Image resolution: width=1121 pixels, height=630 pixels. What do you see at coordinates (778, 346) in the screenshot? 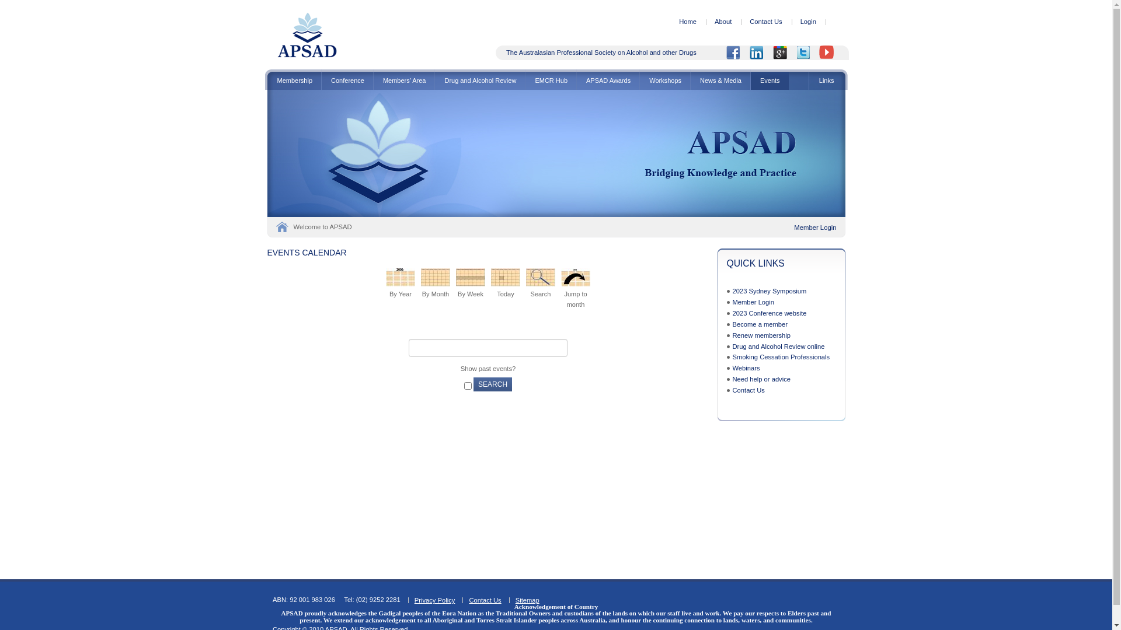
I see `'Drug and Alcohol Review online'` at bounding box center [778, 346].